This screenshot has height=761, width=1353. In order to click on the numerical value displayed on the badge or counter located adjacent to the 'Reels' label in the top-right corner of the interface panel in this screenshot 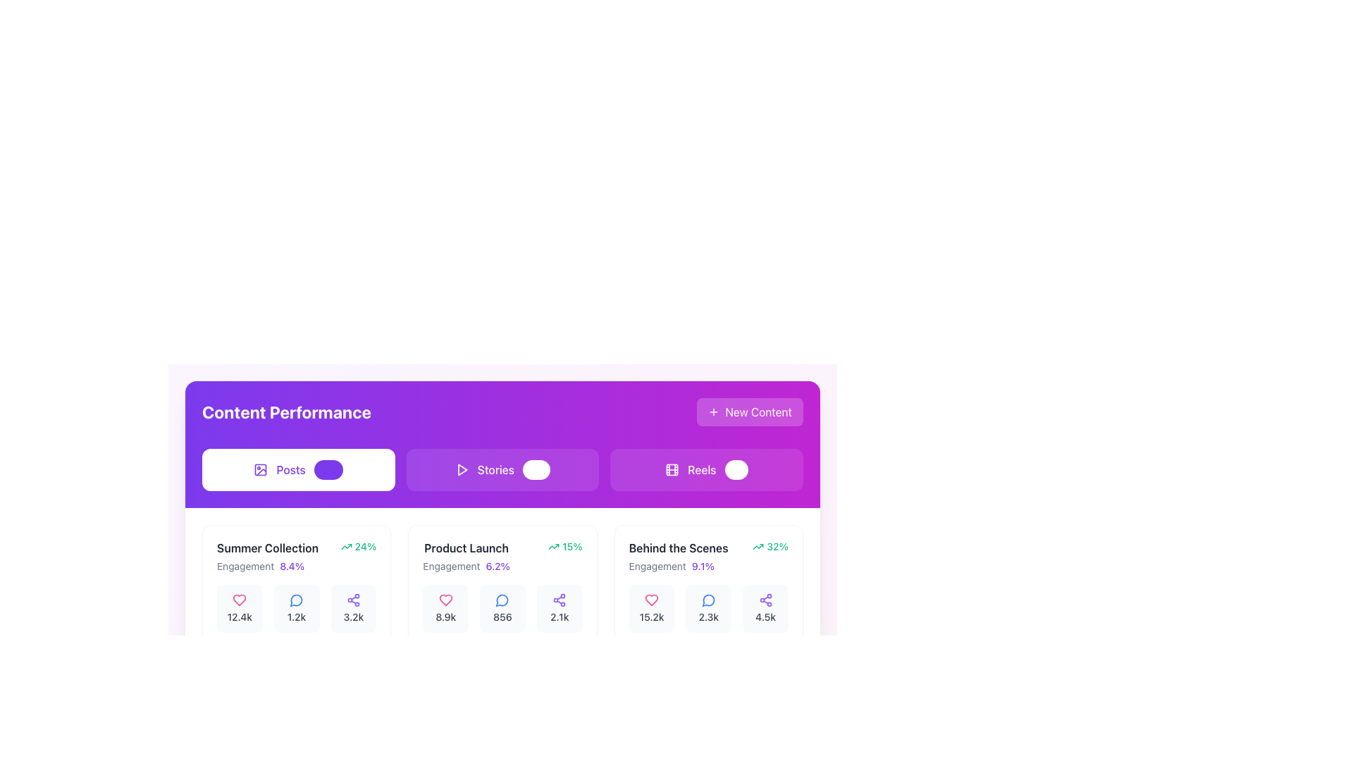, I will do `click(736, 470)`.